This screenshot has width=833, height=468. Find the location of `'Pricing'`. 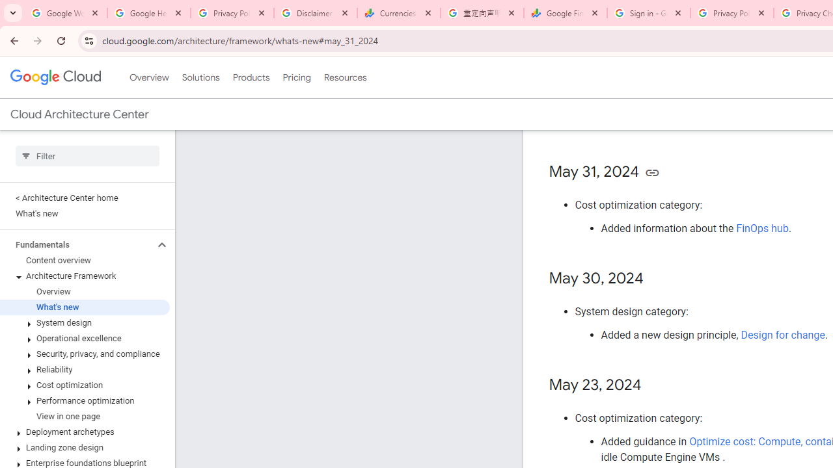

'Pricing' is located at coordinates (295, 77).